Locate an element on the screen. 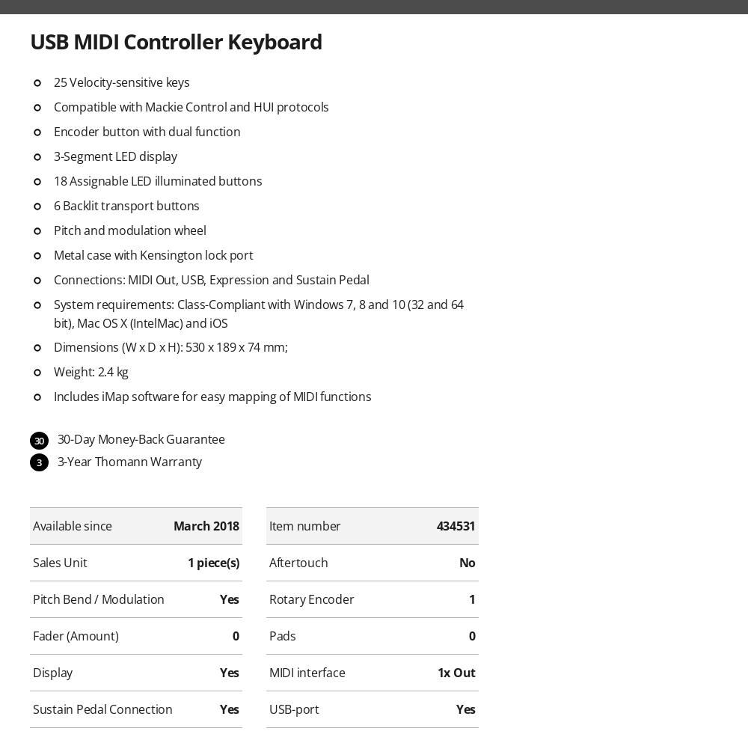 This screenshot has width=748, height=734. '3-Year Thomann Warranty' is located at coordinates (128, 460).